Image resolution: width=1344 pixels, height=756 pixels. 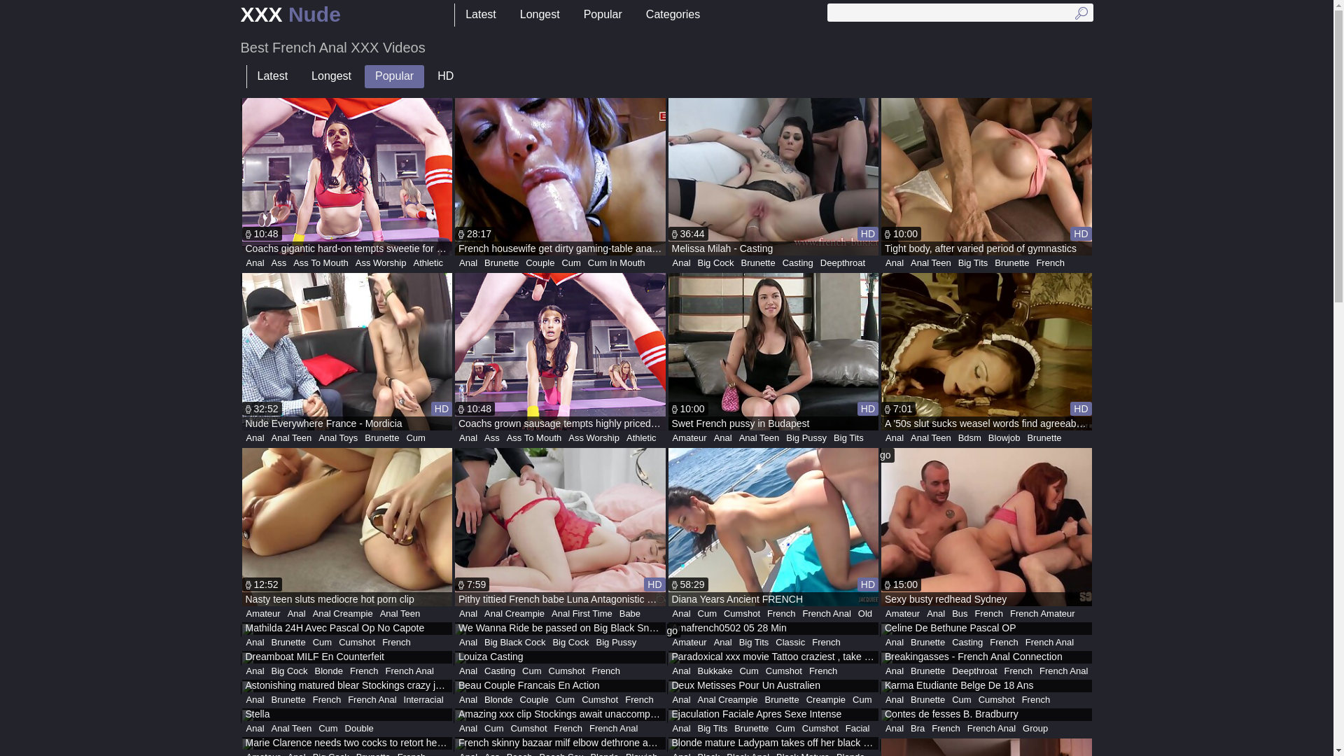 I want to click on 'Ass', so click(x=279, y=262).